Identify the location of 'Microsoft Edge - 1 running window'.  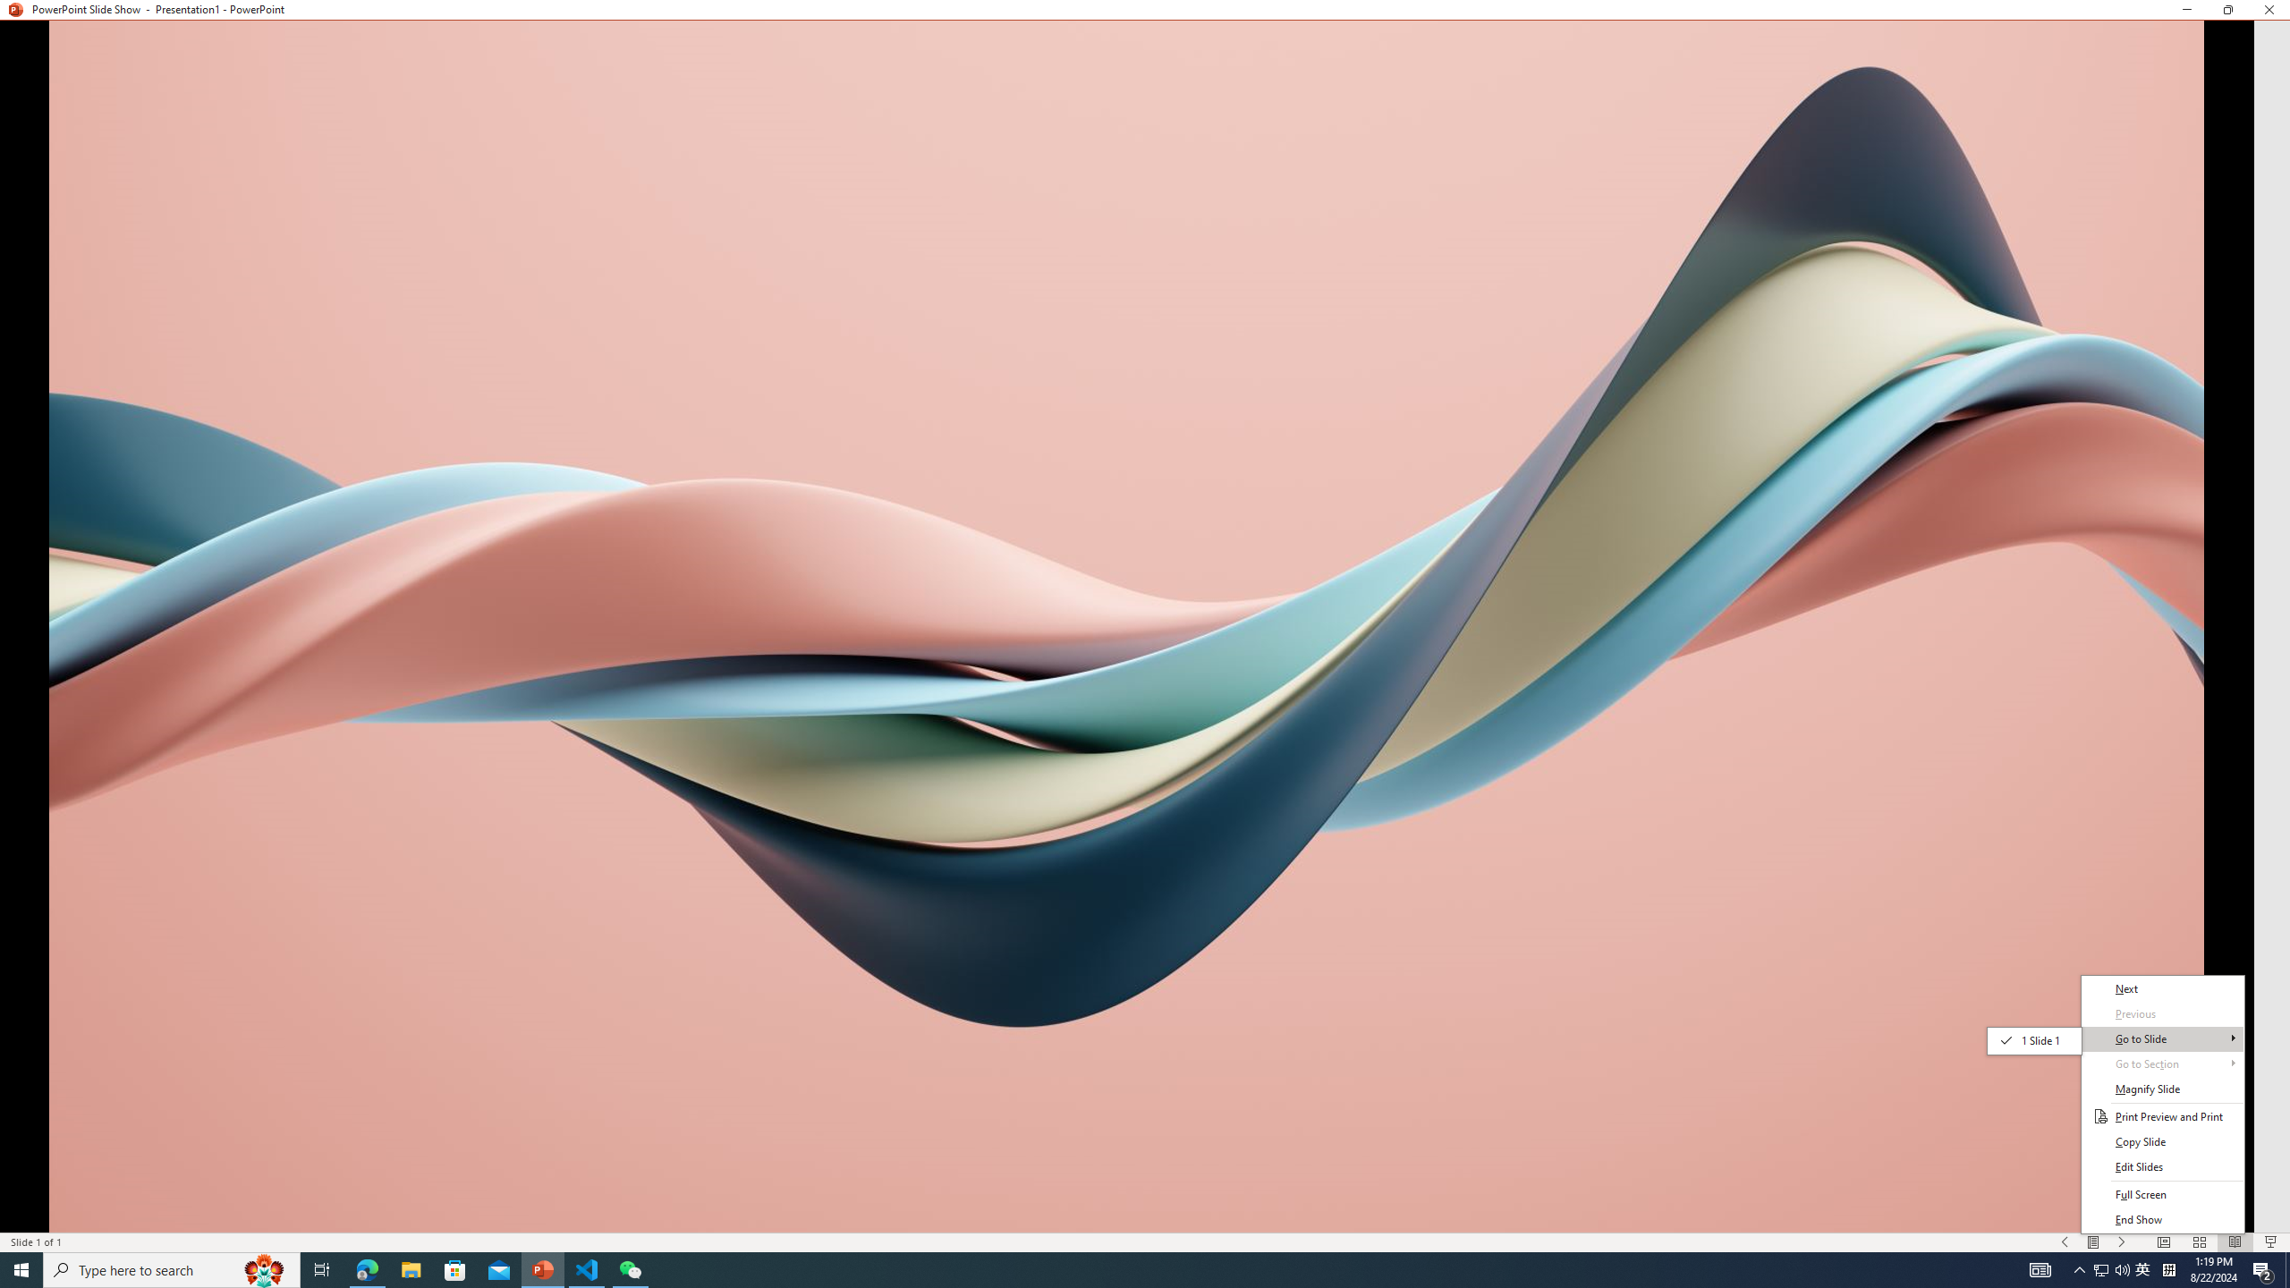
(366, 1268).